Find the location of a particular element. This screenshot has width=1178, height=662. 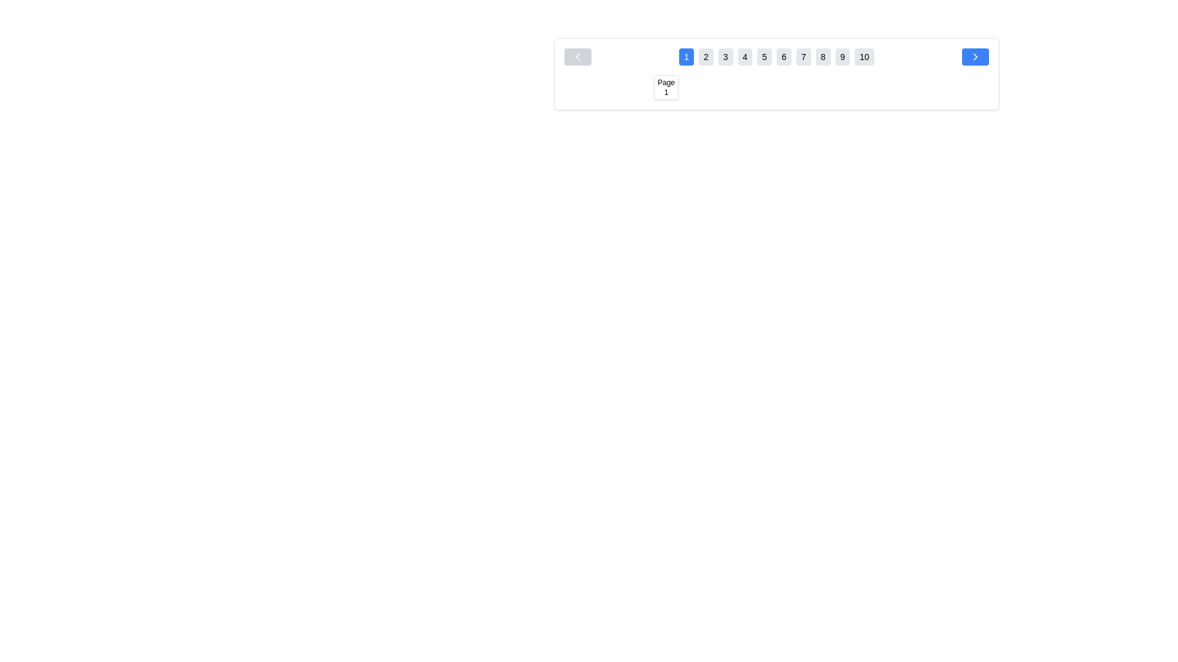

the Pagination control element is located at coordinates (776, 74).